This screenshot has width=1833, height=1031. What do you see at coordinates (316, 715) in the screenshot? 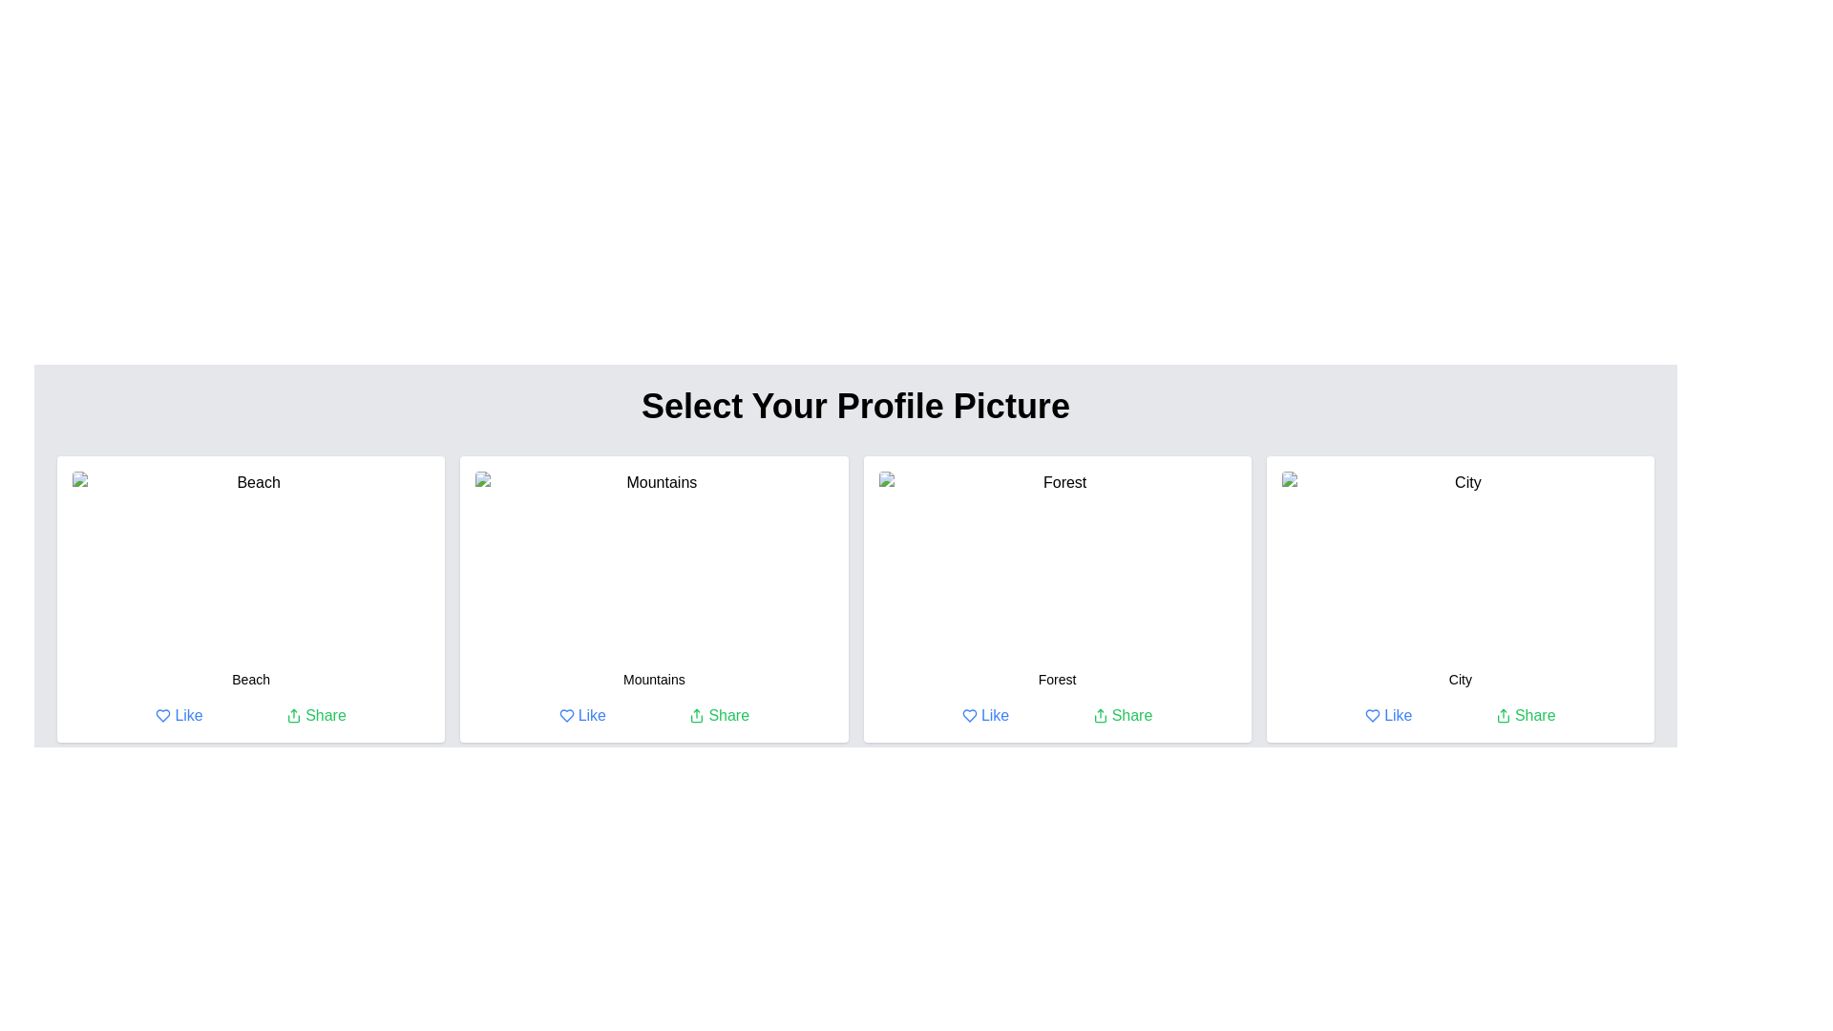
I see `the green 'Share' button with a sharing icon to the left of the text, located within the interaction options for the 'Beach' item` at bounding box center [316, 715].